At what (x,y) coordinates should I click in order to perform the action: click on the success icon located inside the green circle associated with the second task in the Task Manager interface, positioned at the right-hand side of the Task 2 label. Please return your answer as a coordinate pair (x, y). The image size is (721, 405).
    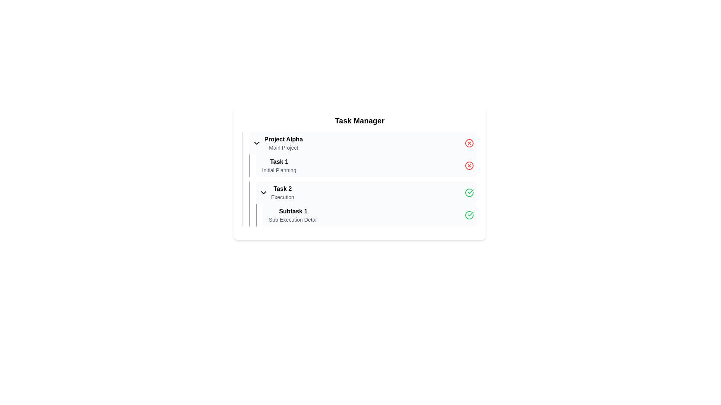
    Looking at the image, I should click on (469, 215).